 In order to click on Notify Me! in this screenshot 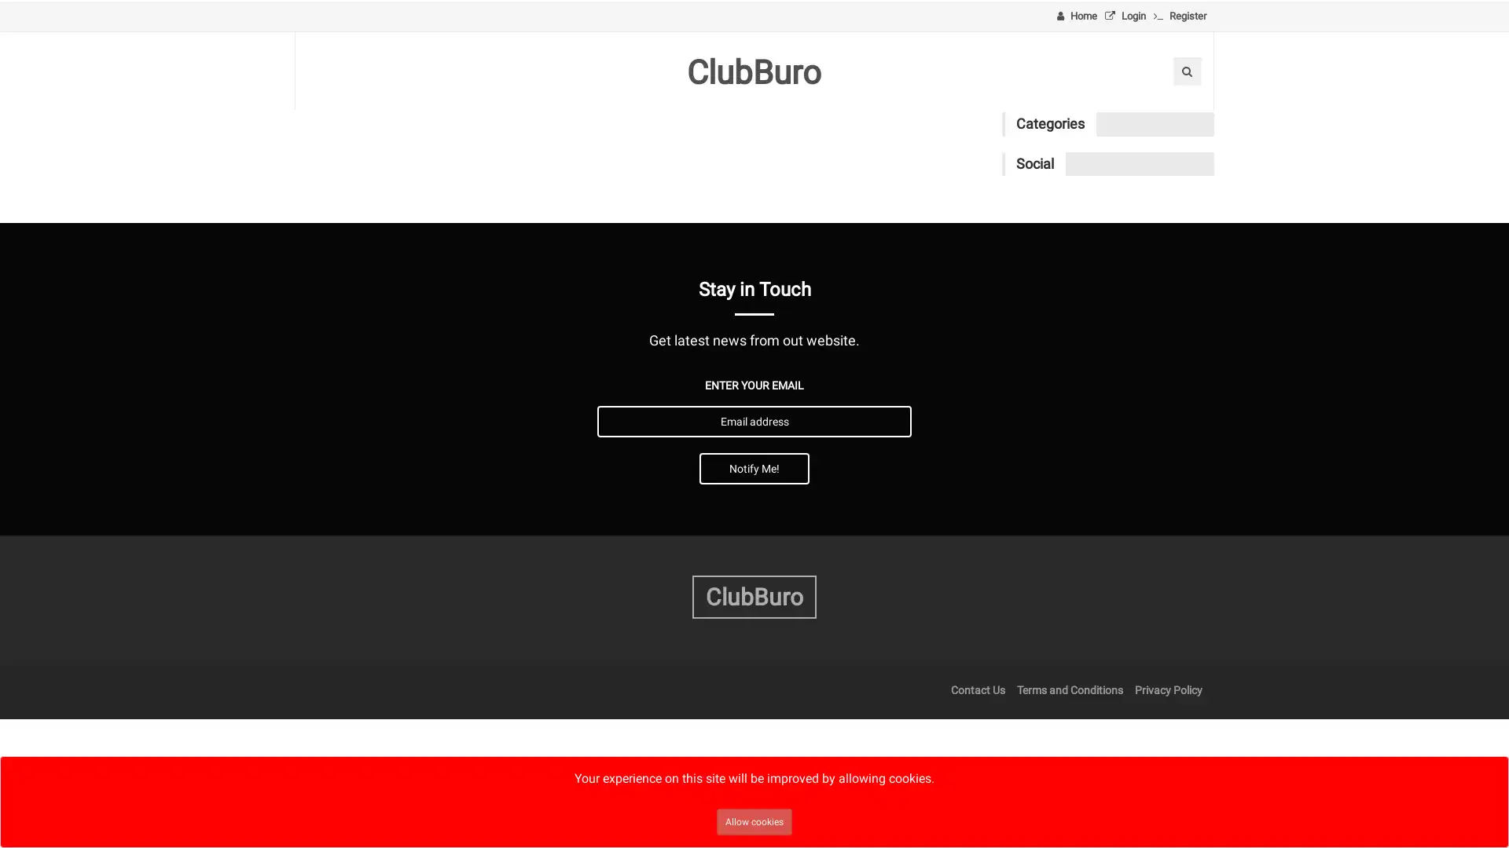, I will do `click(754, 468)`.